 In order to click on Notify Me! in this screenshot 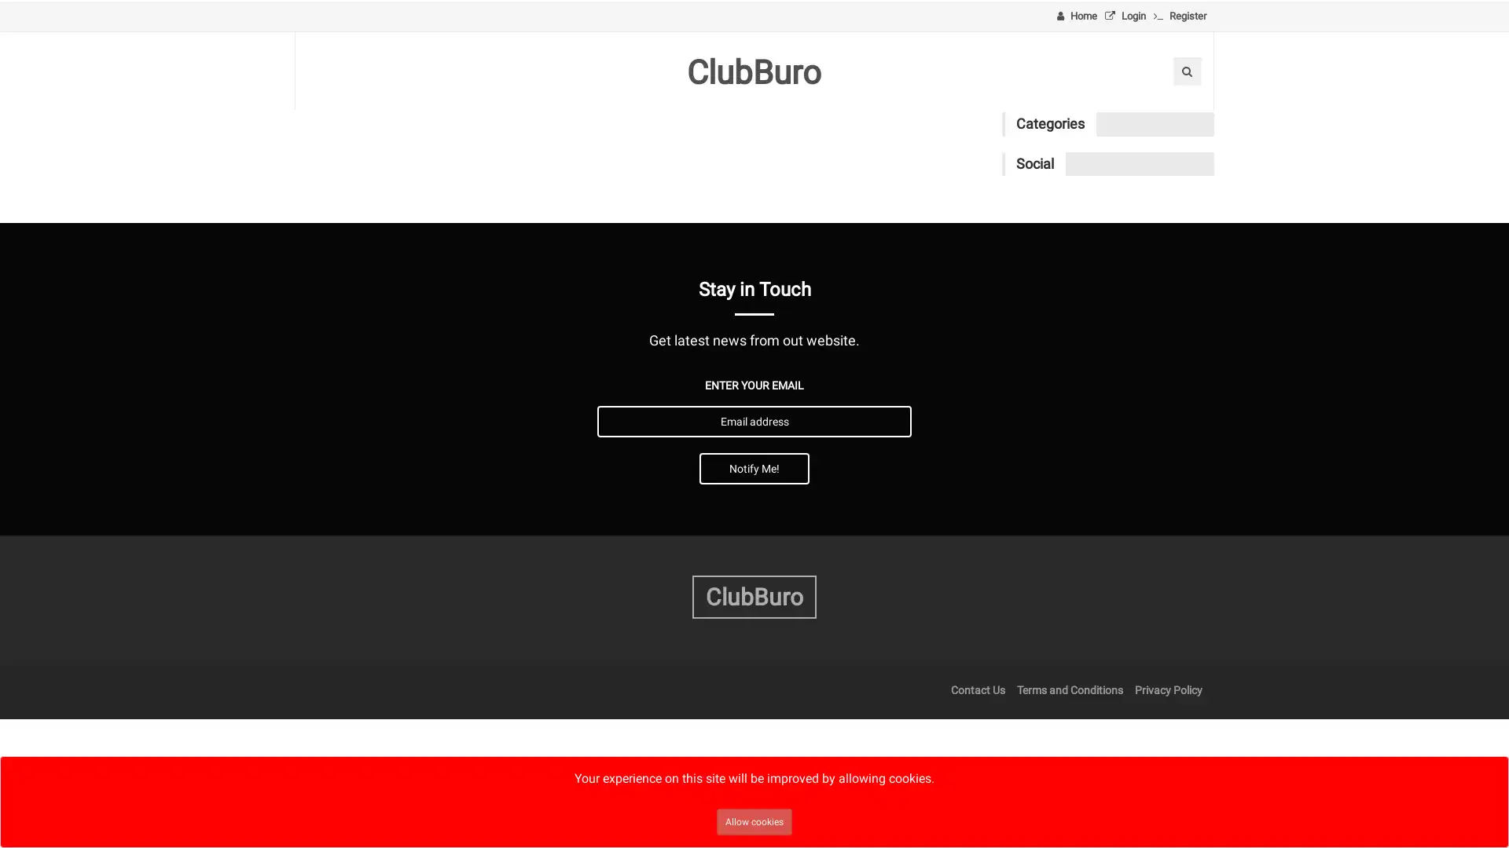, I will do `click(754, 468)`.